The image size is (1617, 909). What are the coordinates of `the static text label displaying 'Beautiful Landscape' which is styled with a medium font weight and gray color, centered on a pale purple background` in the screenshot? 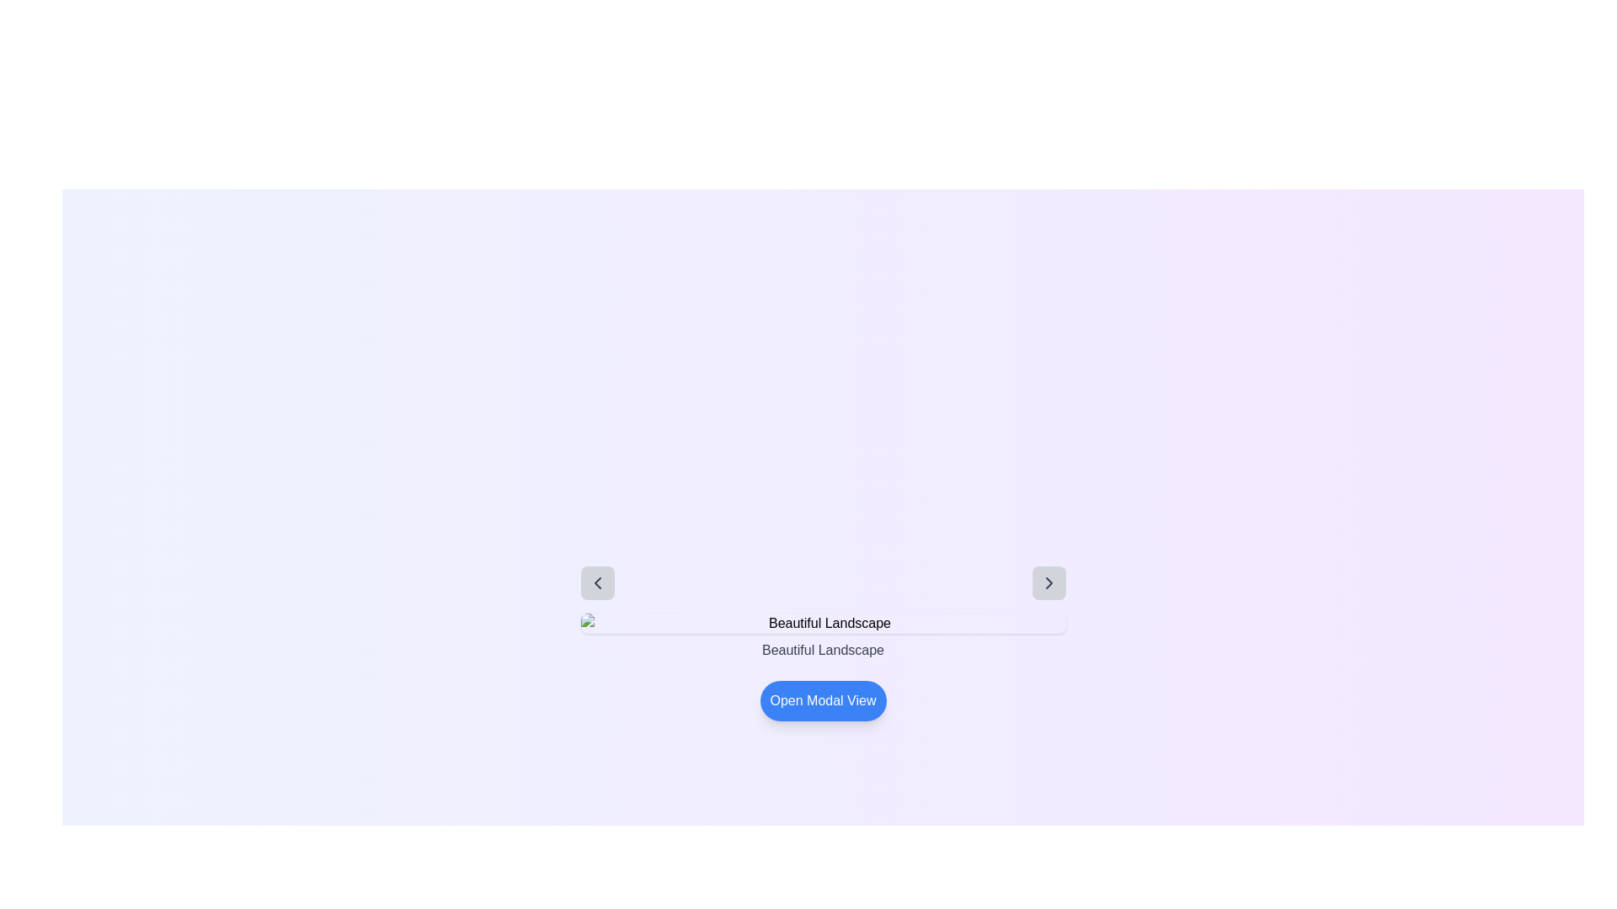 It's located at (823, 614).